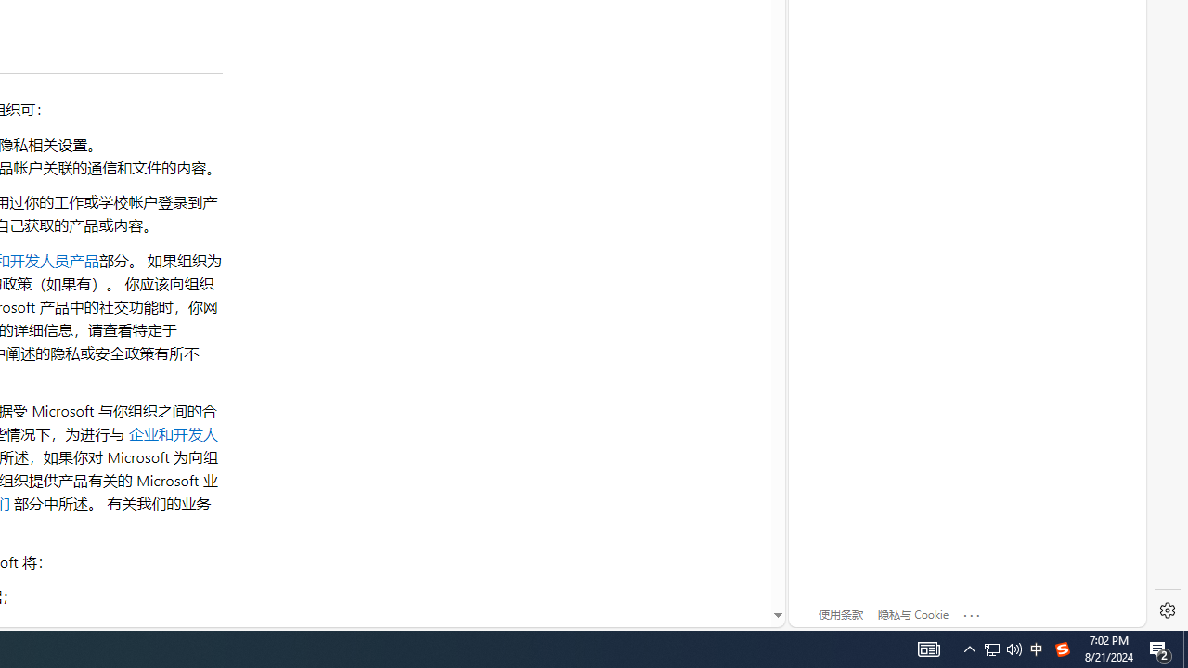  I want to click on 'Action Center, 2 new notifications', so click(1160, 648).